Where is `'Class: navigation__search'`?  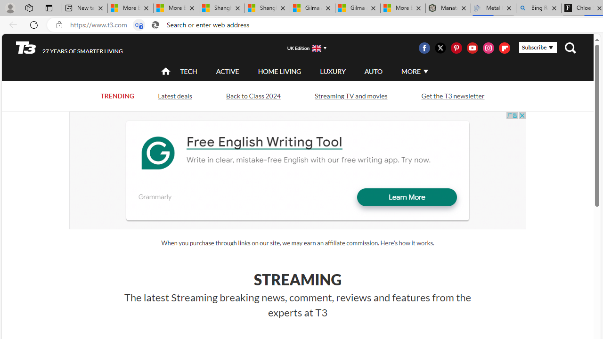 'Class: navigation__search' is located at coordinates (570, 48).